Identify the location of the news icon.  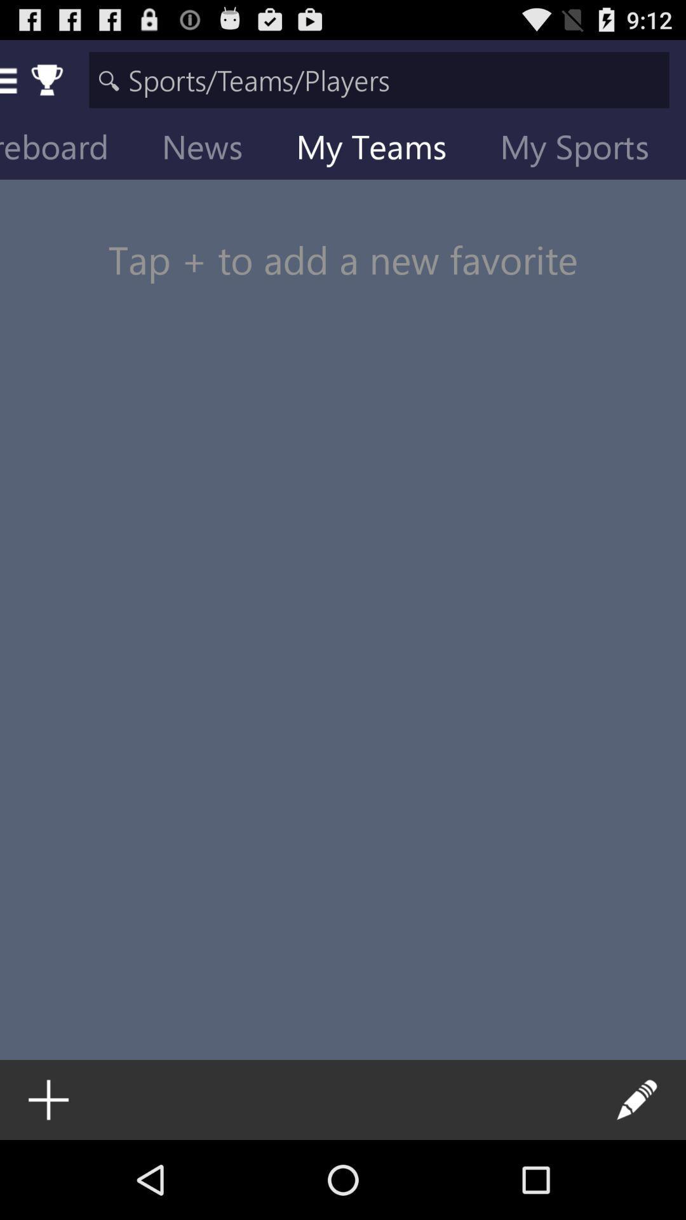
(212, 149).